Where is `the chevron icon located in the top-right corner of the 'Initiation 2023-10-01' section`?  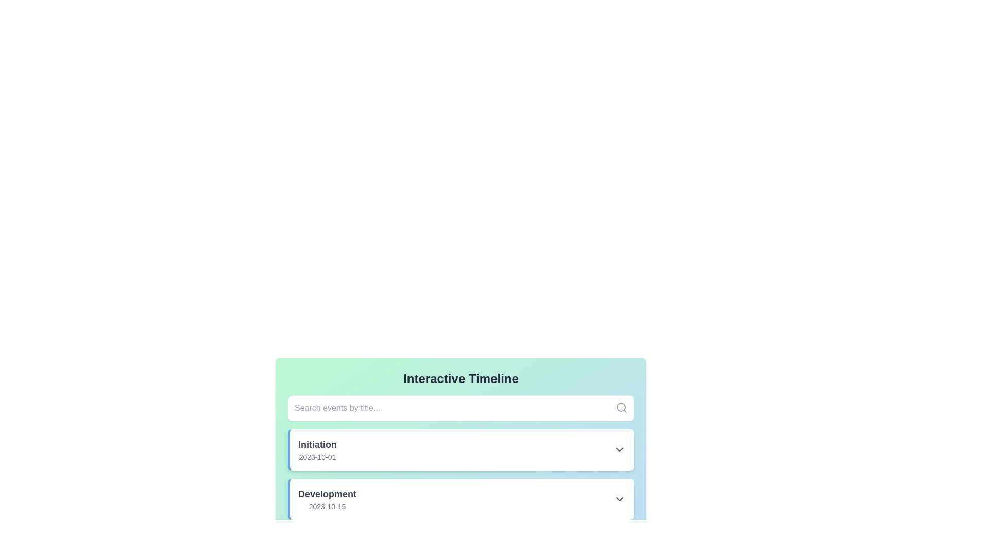 the chevron icon located in the top-right corner of the 'Initiation 2023-10-01' section is located at coordinates (619, 449).